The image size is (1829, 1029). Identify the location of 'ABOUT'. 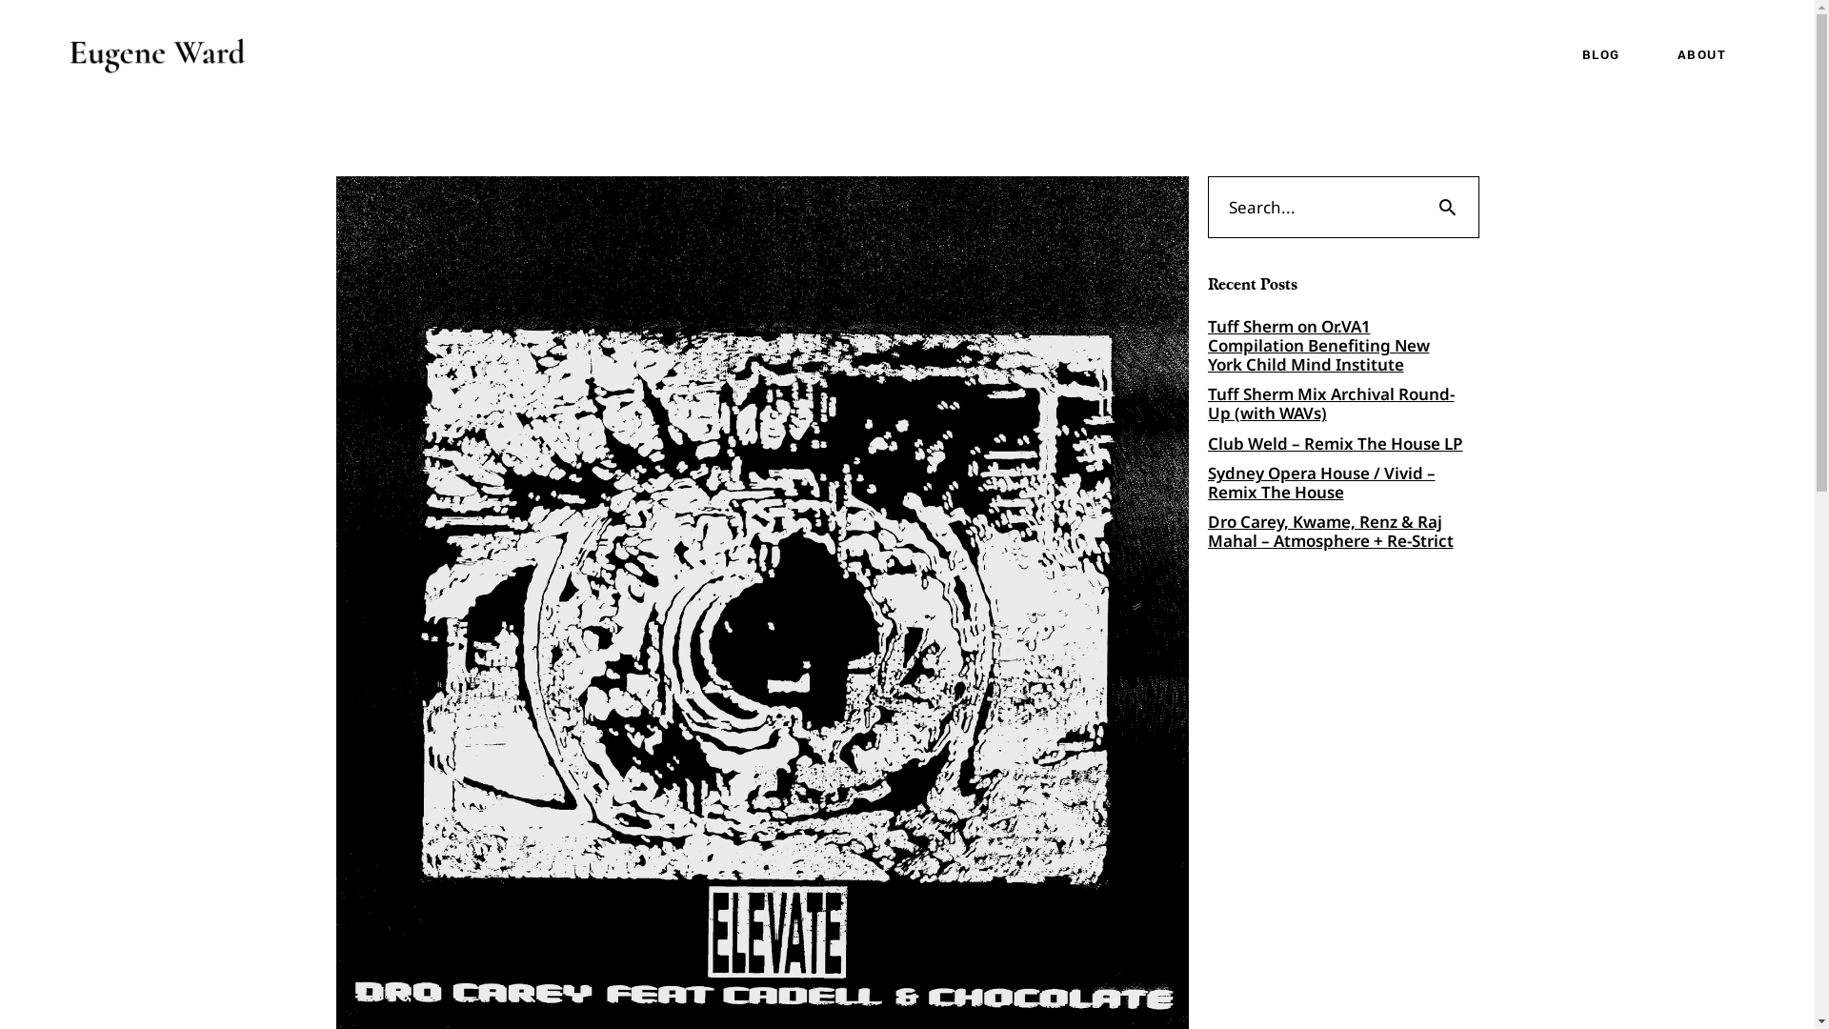
(1646, 53).